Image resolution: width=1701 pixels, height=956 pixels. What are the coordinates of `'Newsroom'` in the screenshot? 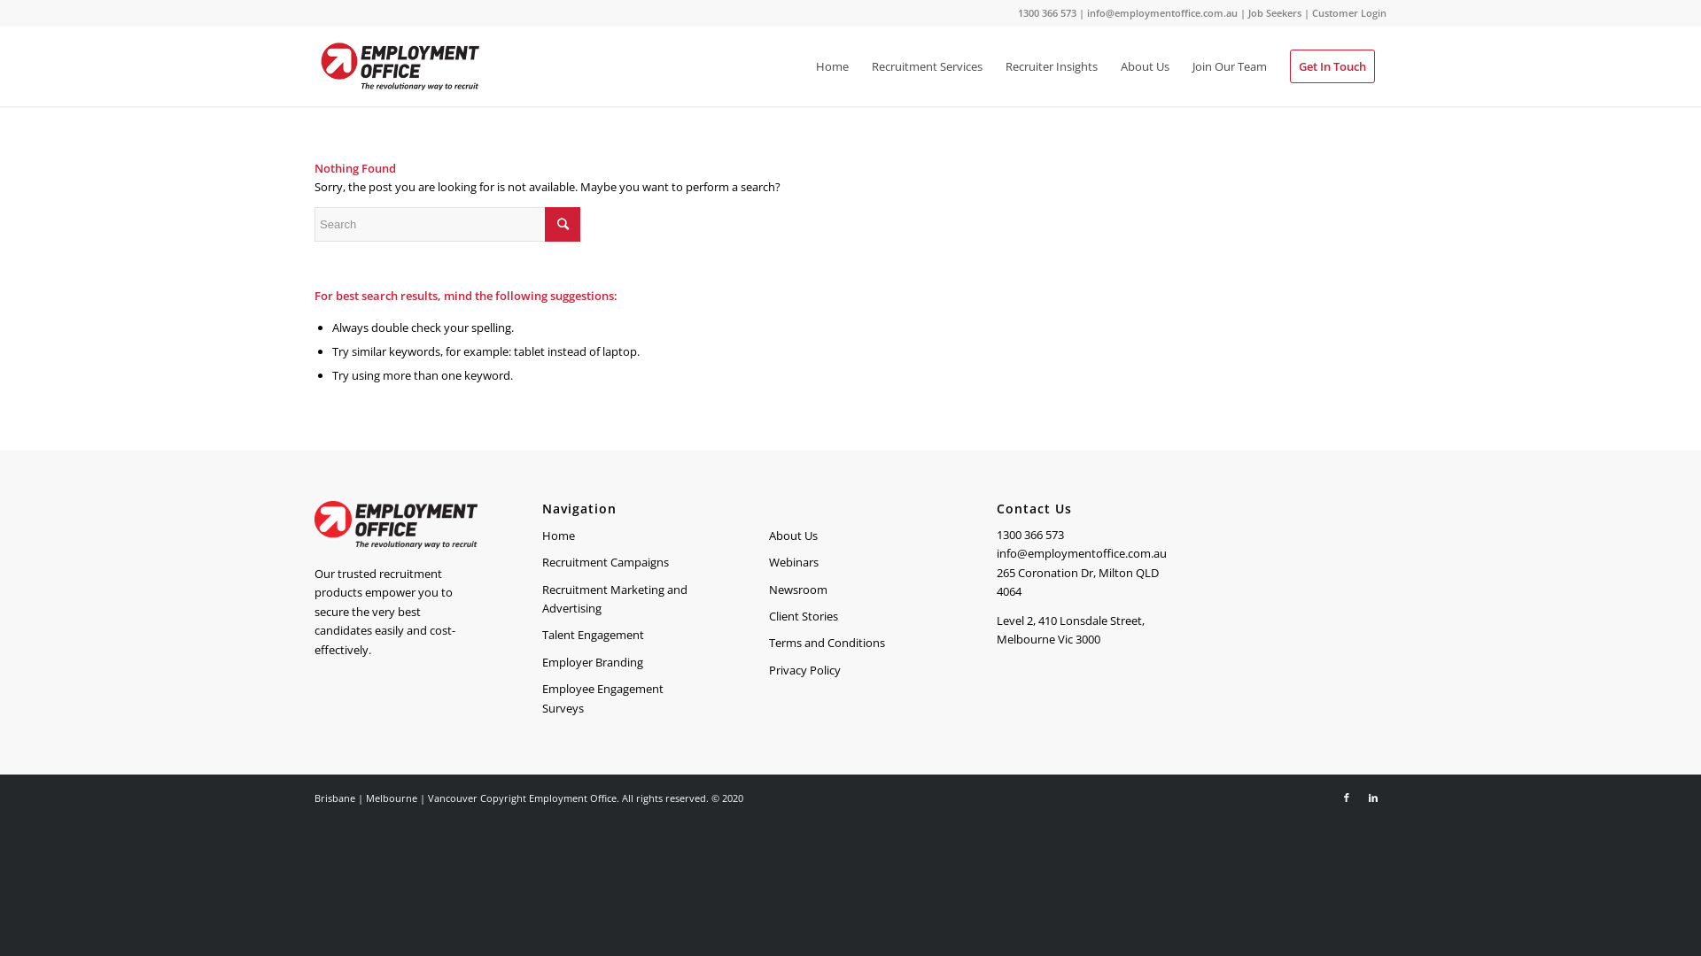 It's located at (850, 590).